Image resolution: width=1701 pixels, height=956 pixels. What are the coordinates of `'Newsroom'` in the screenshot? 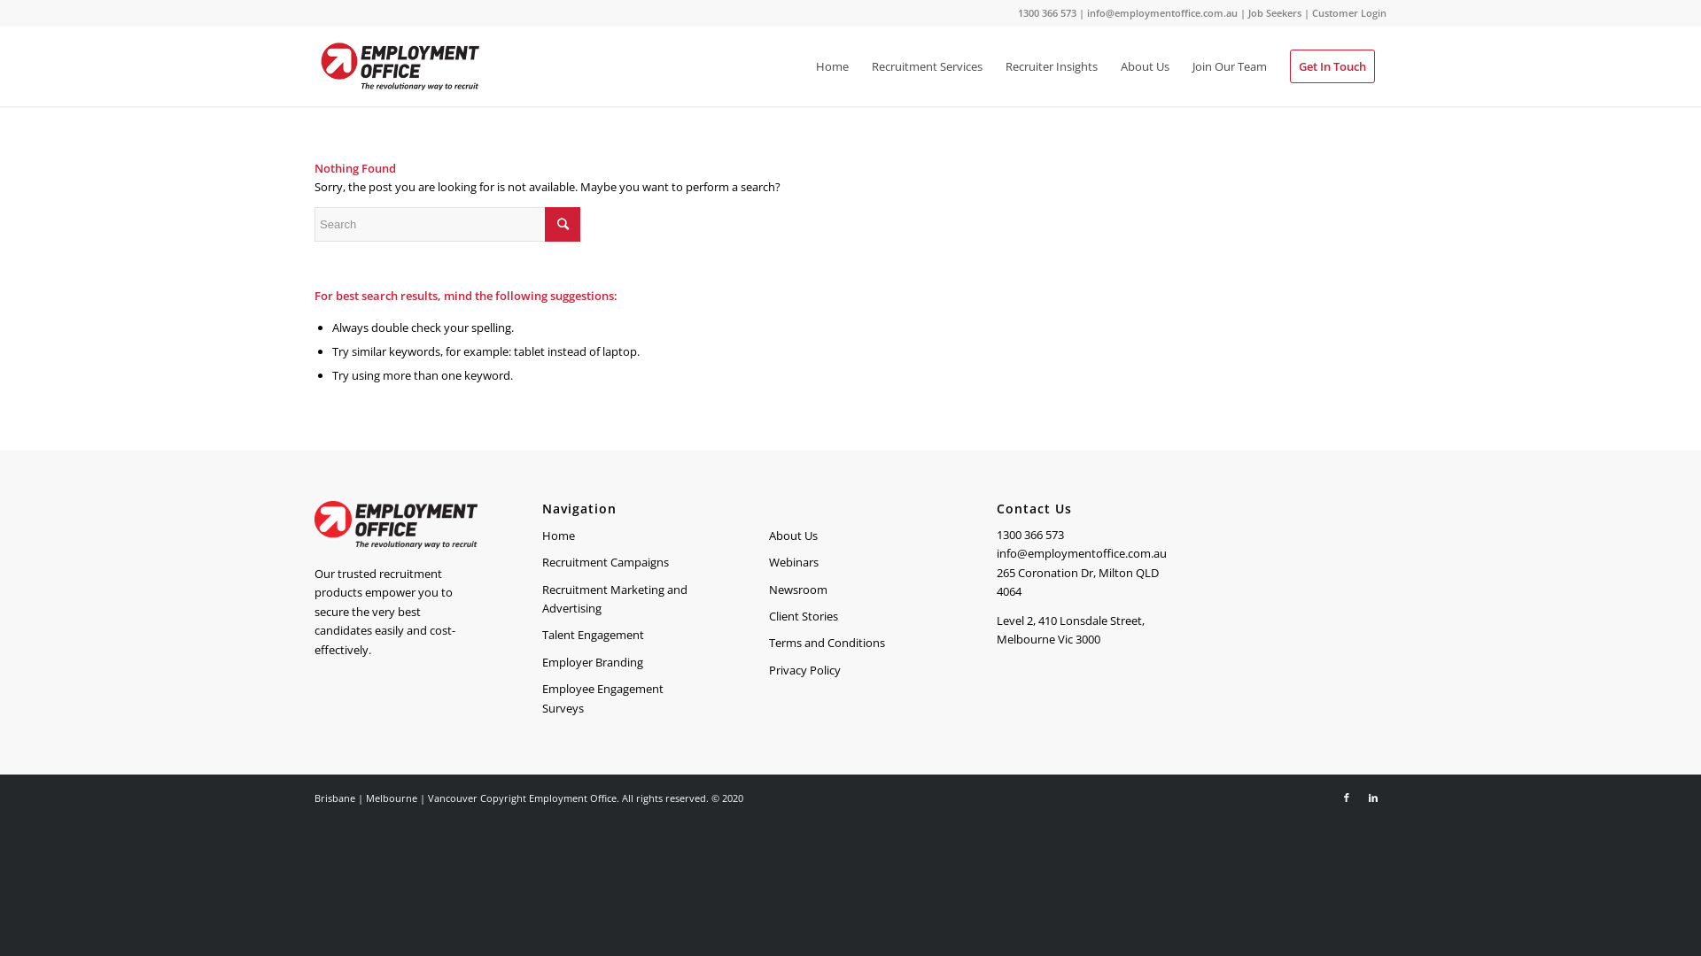 It's located at (850, 590).